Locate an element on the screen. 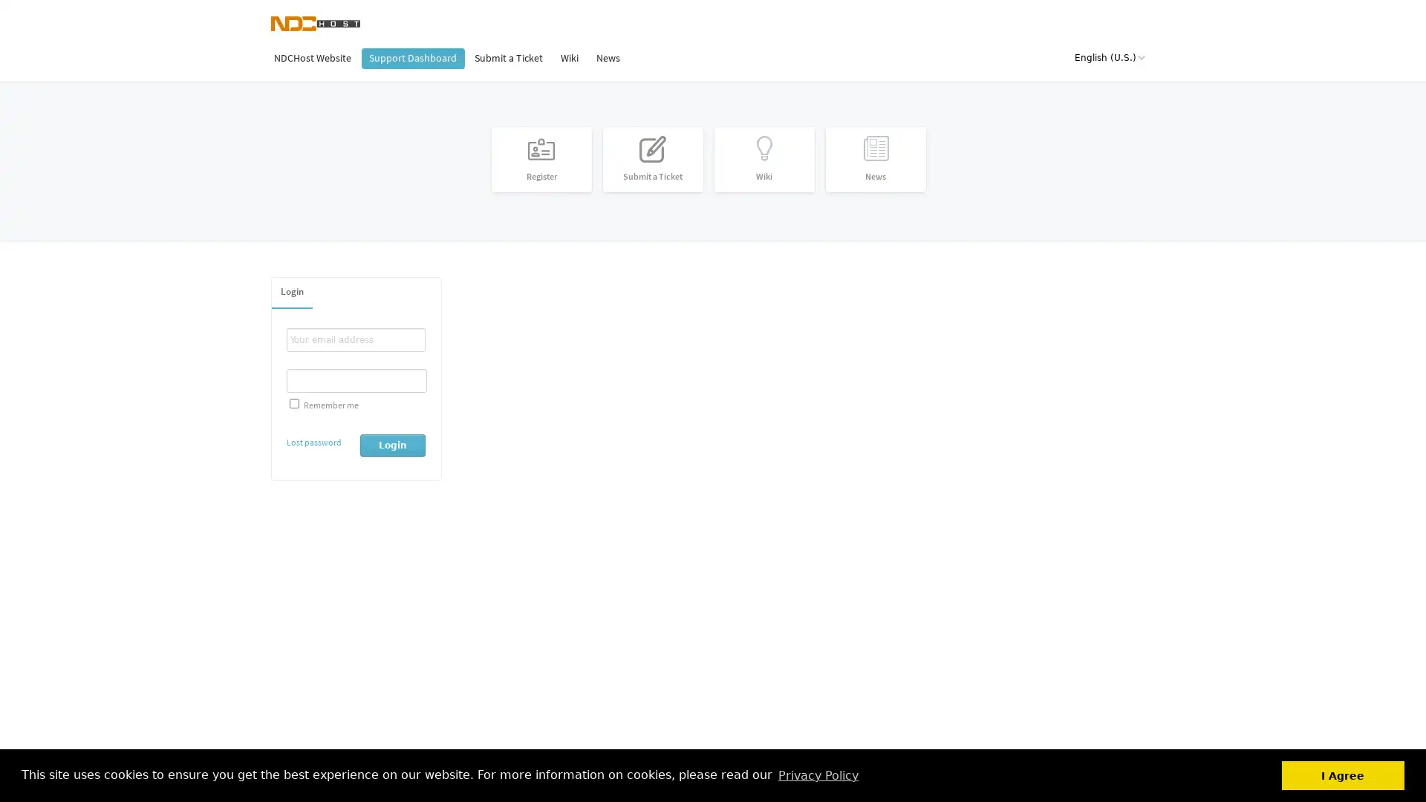 This screenshot has height=802, width=1426. Login is located at coordinates (392, 443).